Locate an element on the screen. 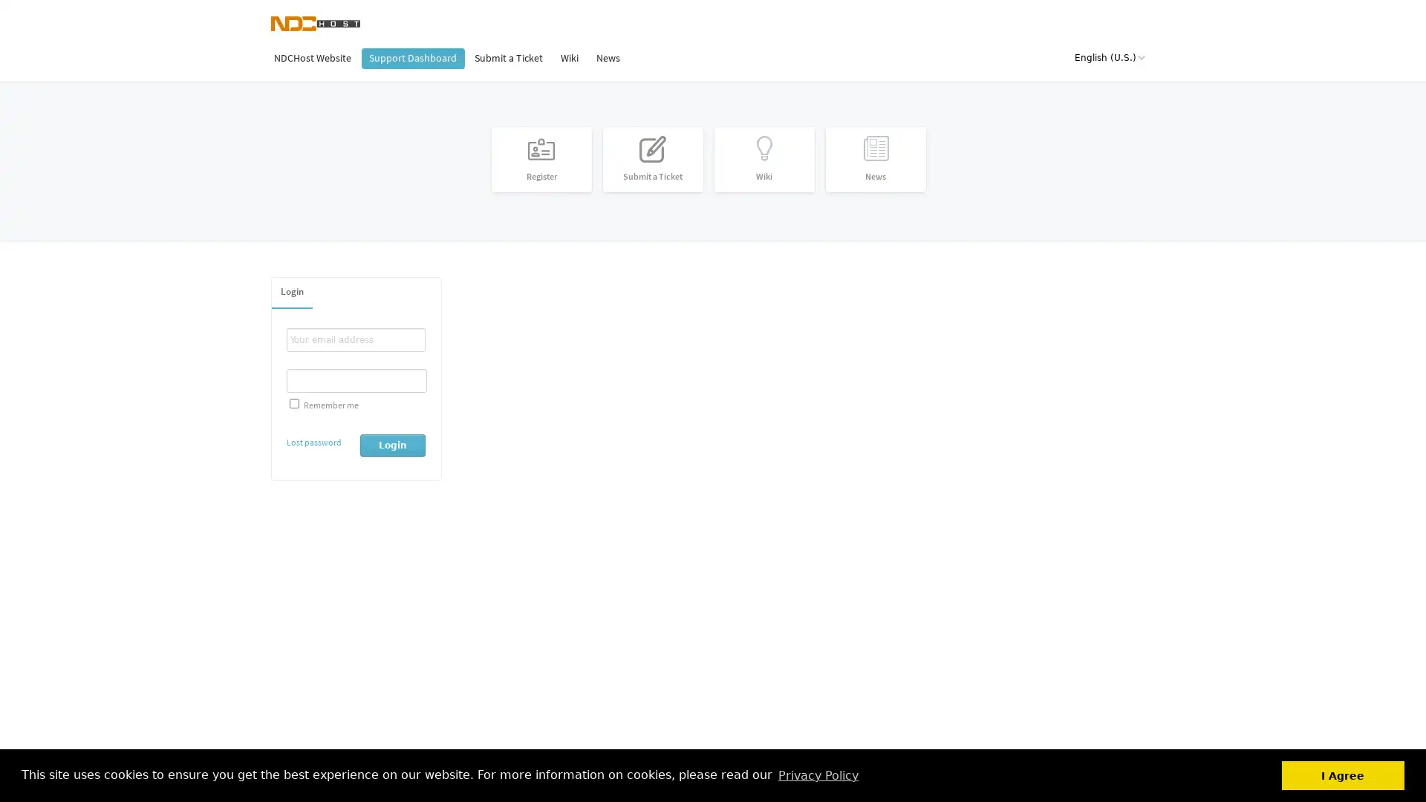 This screenshot has height=802, width=1426. Login is located at coordinates (392, 443).